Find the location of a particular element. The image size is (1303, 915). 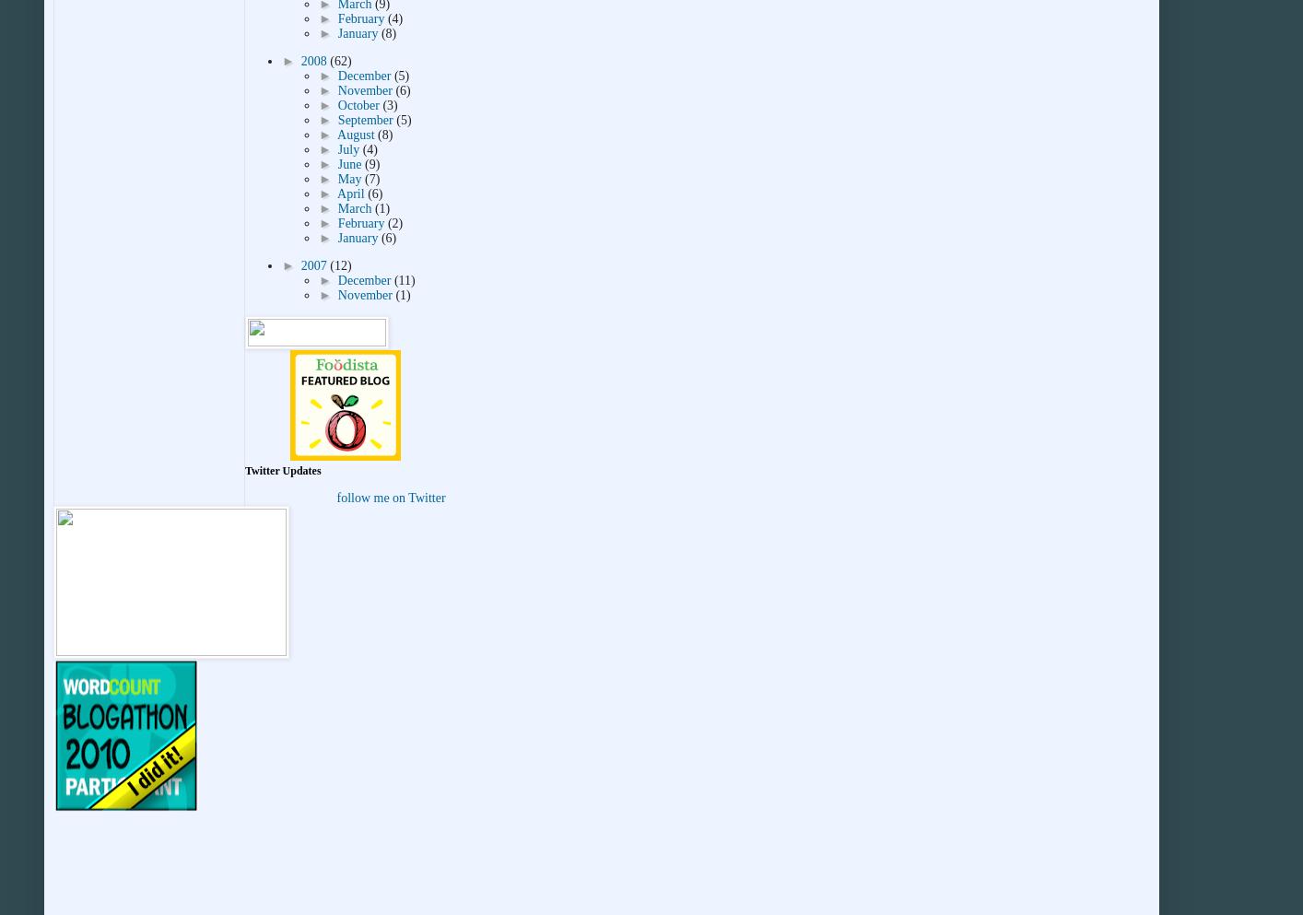

'(7)' is located at coordinates (371, 179).